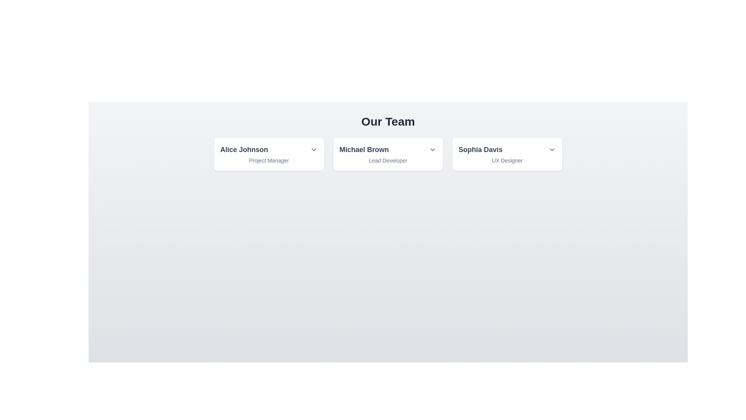 The height and width of the screenshot is (420, 746). I want to click on the text label providing supplementary information about 'Alice Johnson' located in the lower section of the card, so click(269, 160).